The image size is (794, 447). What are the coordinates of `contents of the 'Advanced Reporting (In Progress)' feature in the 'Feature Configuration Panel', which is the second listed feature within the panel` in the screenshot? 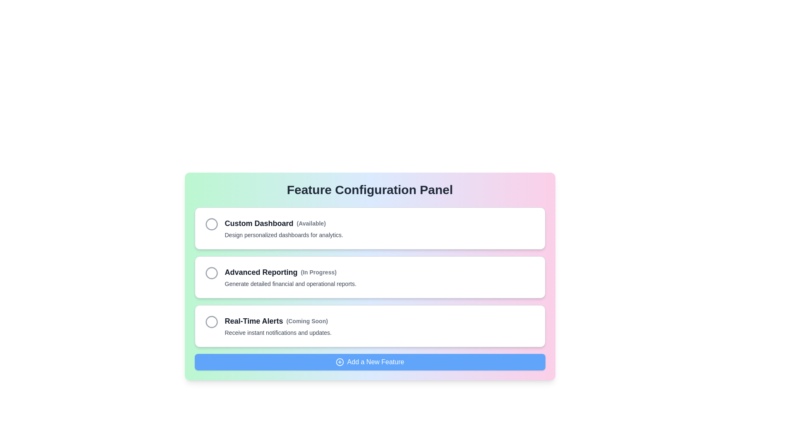 It's located at (369, 276).